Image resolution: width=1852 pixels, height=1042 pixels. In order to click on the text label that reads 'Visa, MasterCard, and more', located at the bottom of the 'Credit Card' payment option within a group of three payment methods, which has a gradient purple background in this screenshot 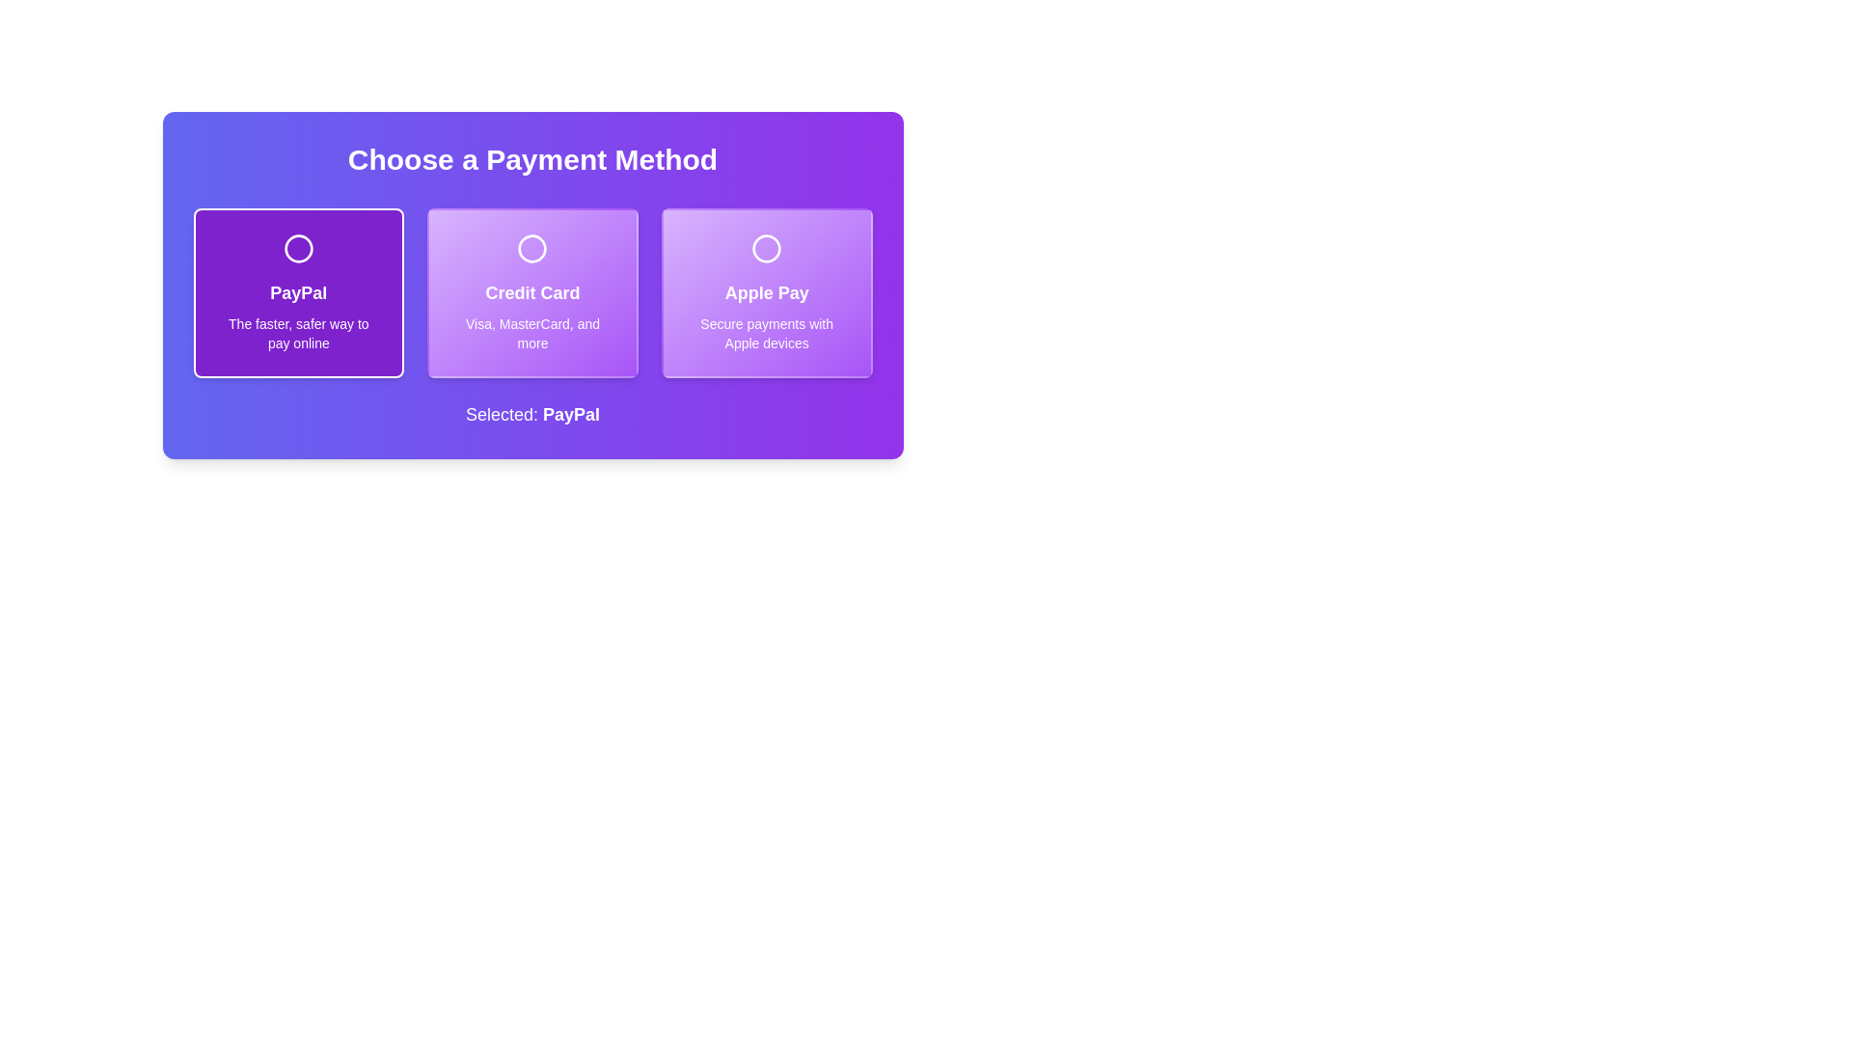, I will do `click(532, 333)`.